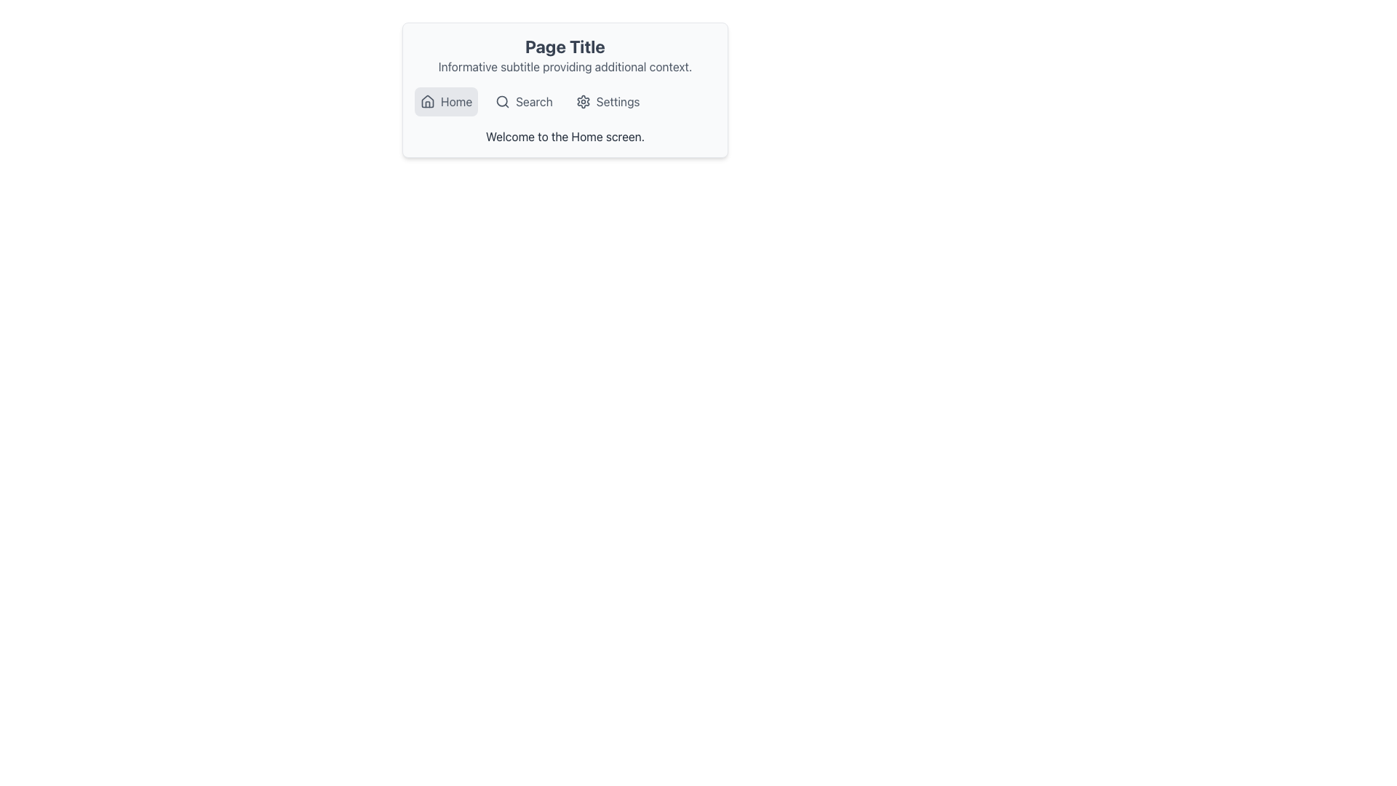  What do you see at coordinates (427, 100) in the screenshot?
I see `the lower portion of the house icon, which is part of the SVG representation located in the top-center area of the user interface, directly above the text labeled 'Home'` at bounding box center [427, 100].